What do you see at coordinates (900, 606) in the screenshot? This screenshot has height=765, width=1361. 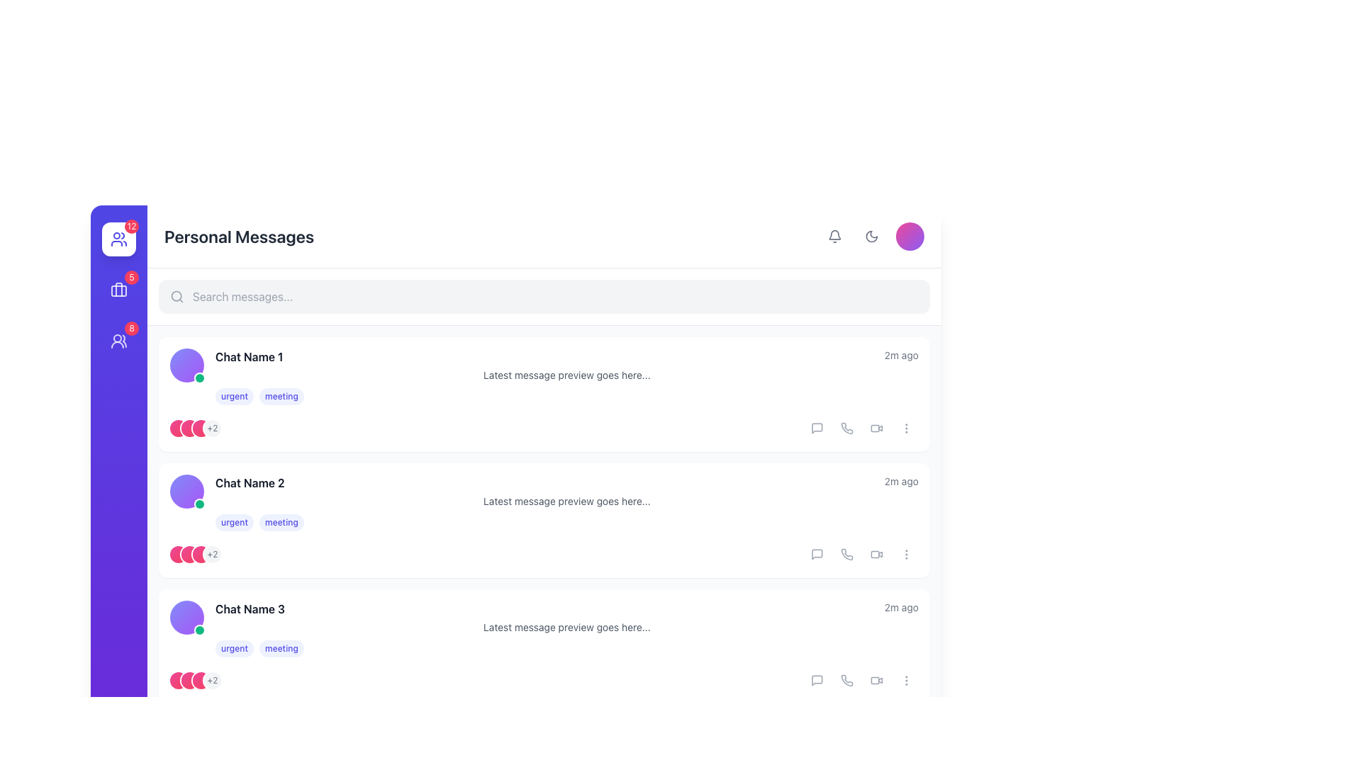 I see `text label indicating the time elapsed since the latest activity in the third chat entry, located at the top-right adjacent to 'Chat Name 3'` at bounding box center [900, 606].